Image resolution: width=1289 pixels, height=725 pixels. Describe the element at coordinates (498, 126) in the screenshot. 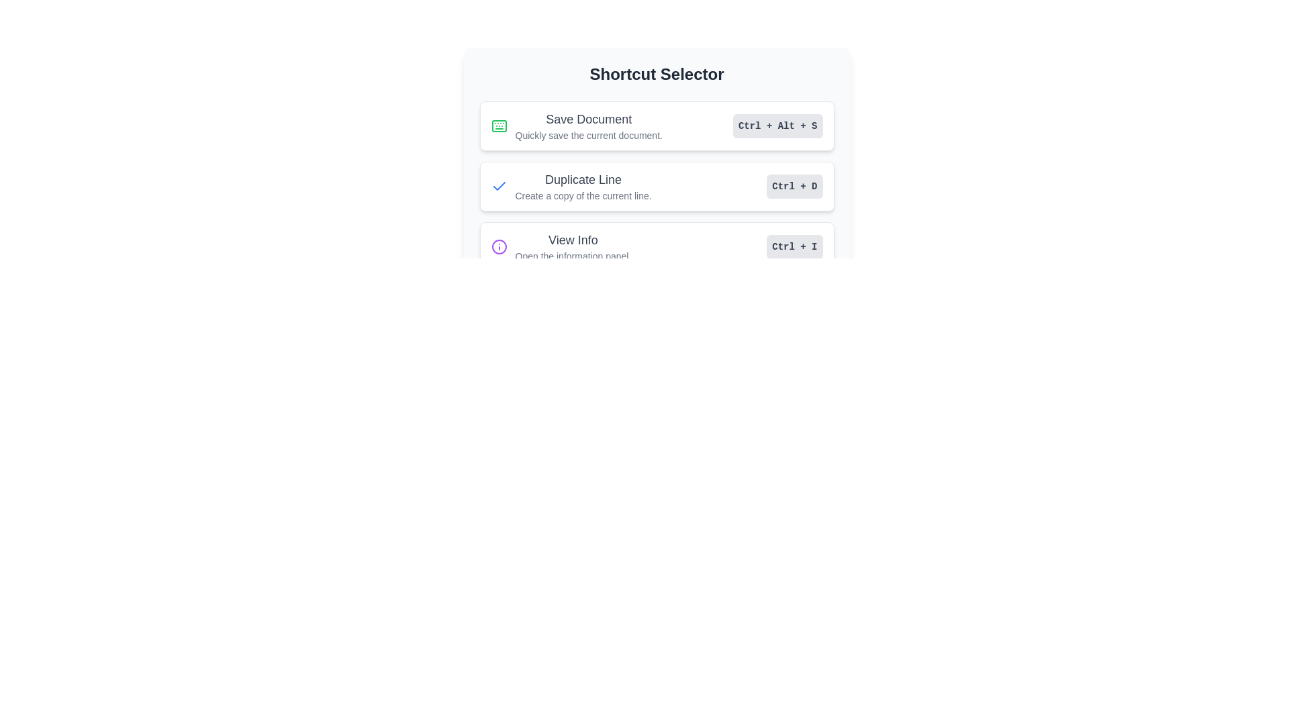

I see `the green keyboard icon located to the left of the 'Save Document' label` at that location.